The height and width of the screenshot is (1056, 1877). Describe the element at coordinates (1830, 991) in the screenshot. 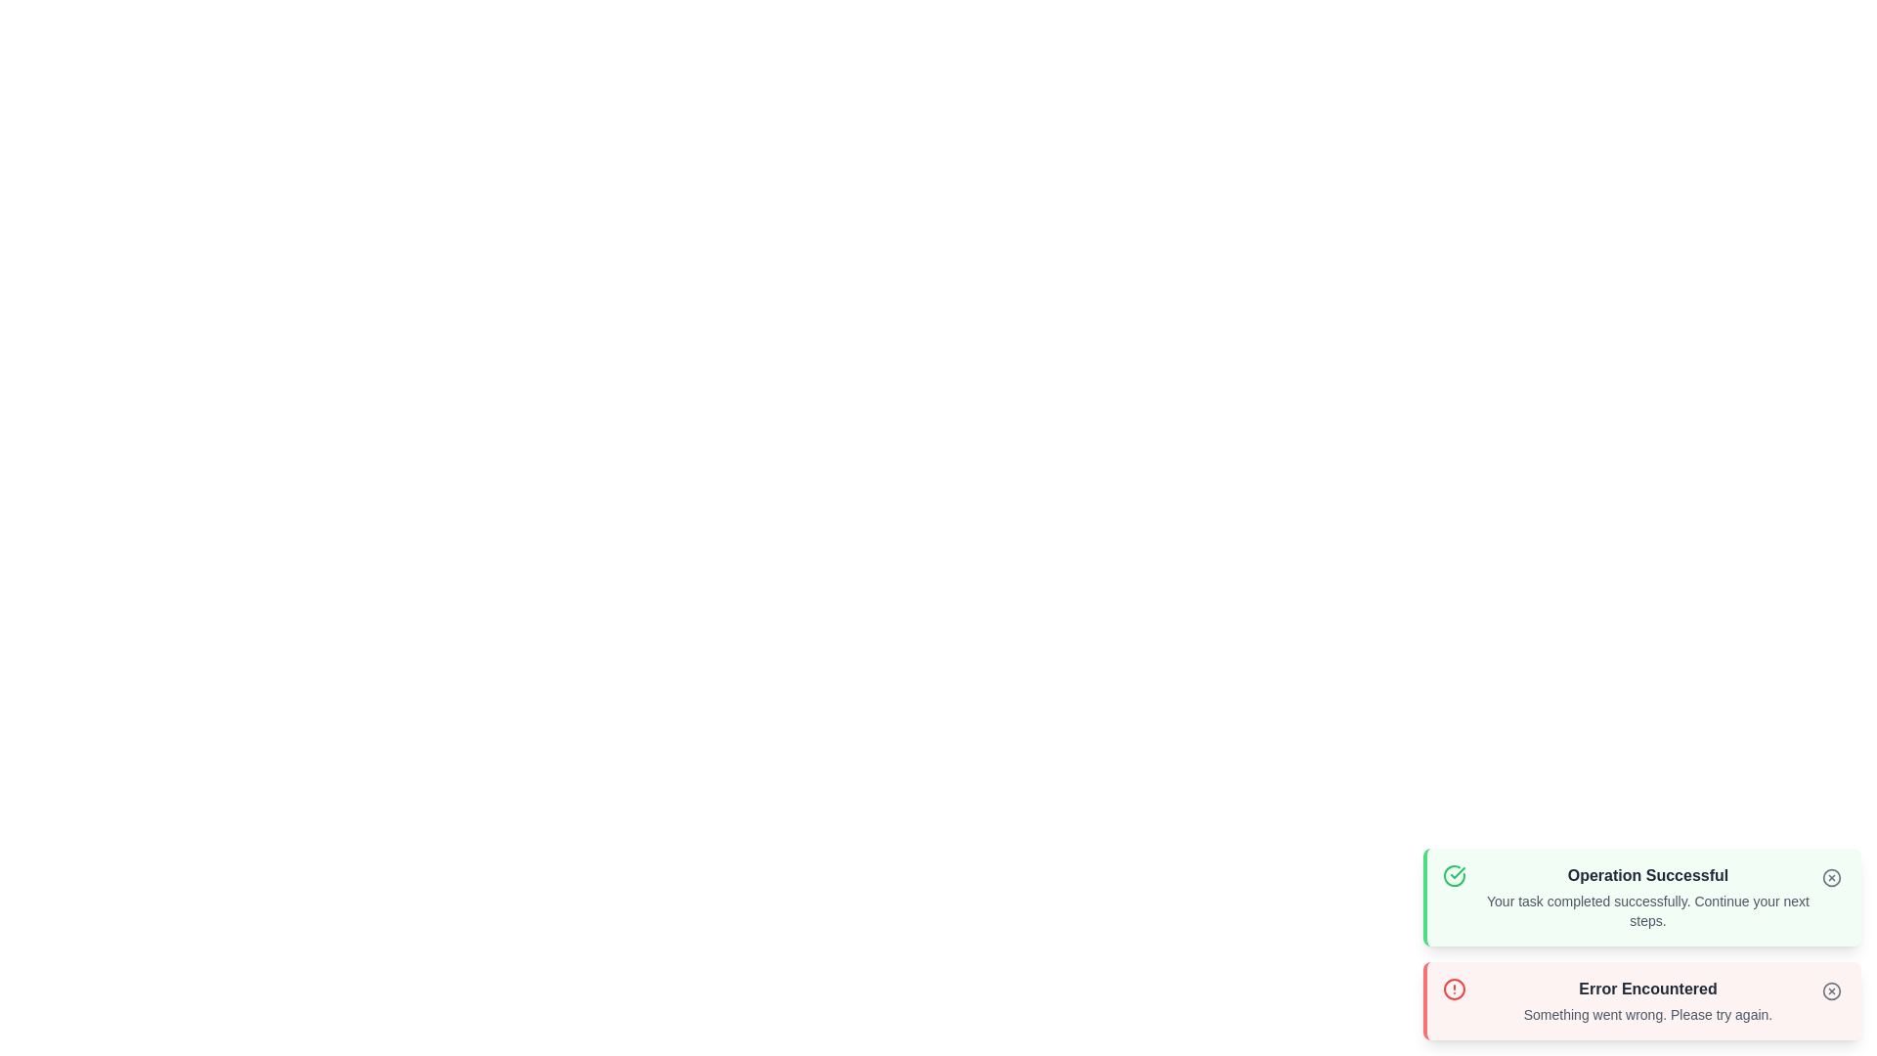

I see `the circular close button with a gray background and 'X' icon located at the top-right corner of the notification card` at that location.